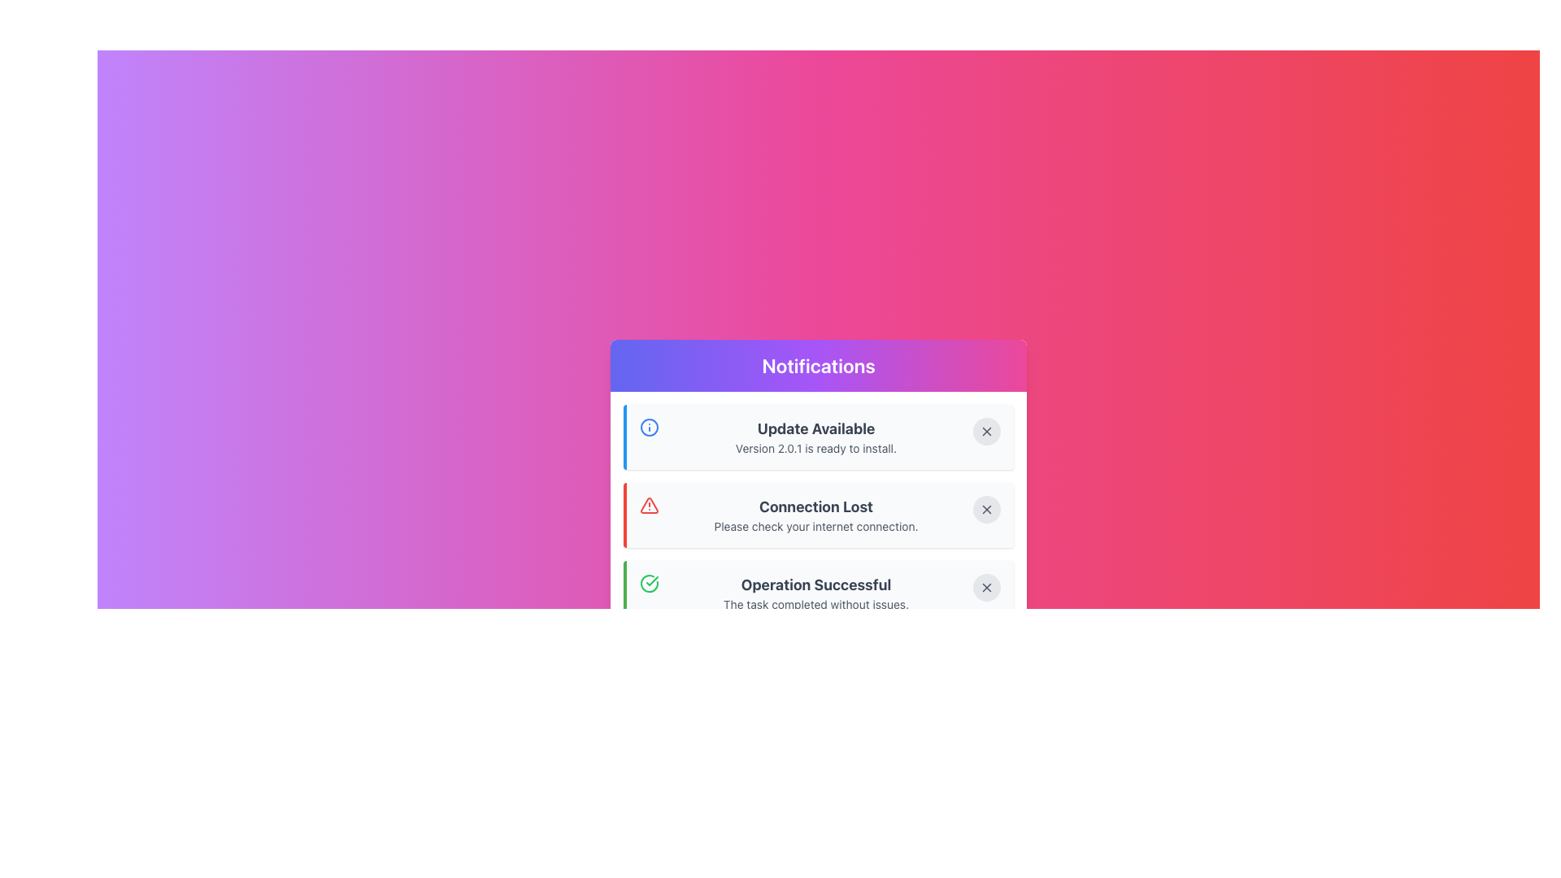 Image resolution: width=1561 pixels, height=878 pixels. What do you see at coordinates (986, 509) in the screenshot?
I see `the close icon located in the top right corner of the second notification item under the 'Connection Lost' section` at bounding box center [986, 509].